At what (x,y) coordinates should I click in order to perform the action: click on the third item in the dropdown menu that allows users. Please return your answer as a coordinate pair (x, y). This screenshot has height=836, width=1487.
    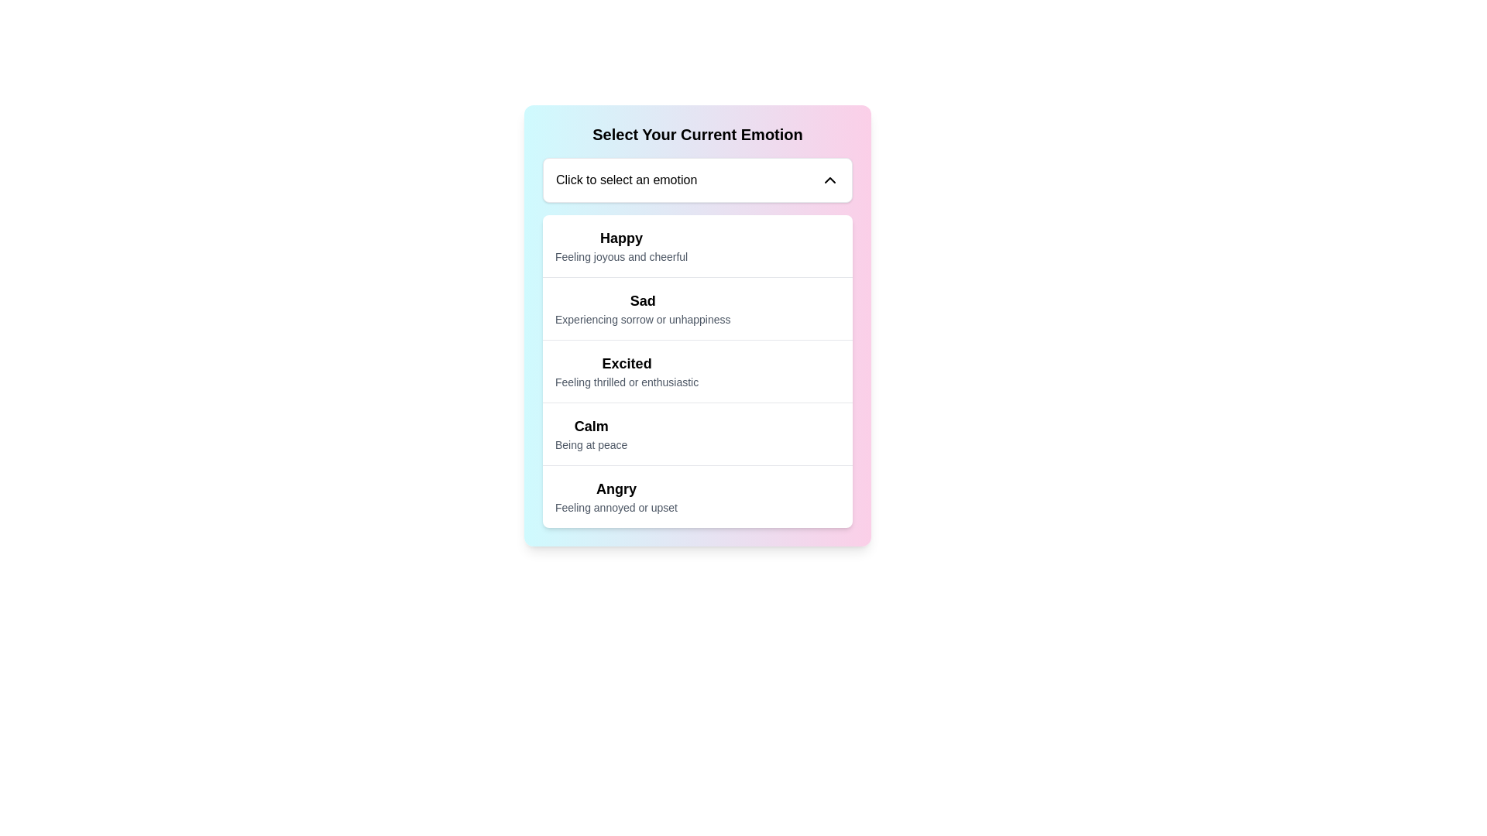
    Looking at the image, I should click on (627, 371).